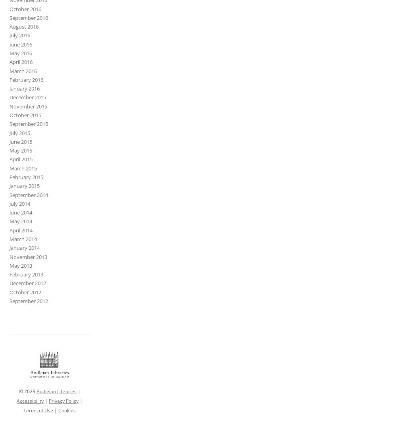 The height and width of the screenshot is (423, 400). Describe the element at coordinates (21, 212) in the screenshot. I see `'June 2014'` at that location.